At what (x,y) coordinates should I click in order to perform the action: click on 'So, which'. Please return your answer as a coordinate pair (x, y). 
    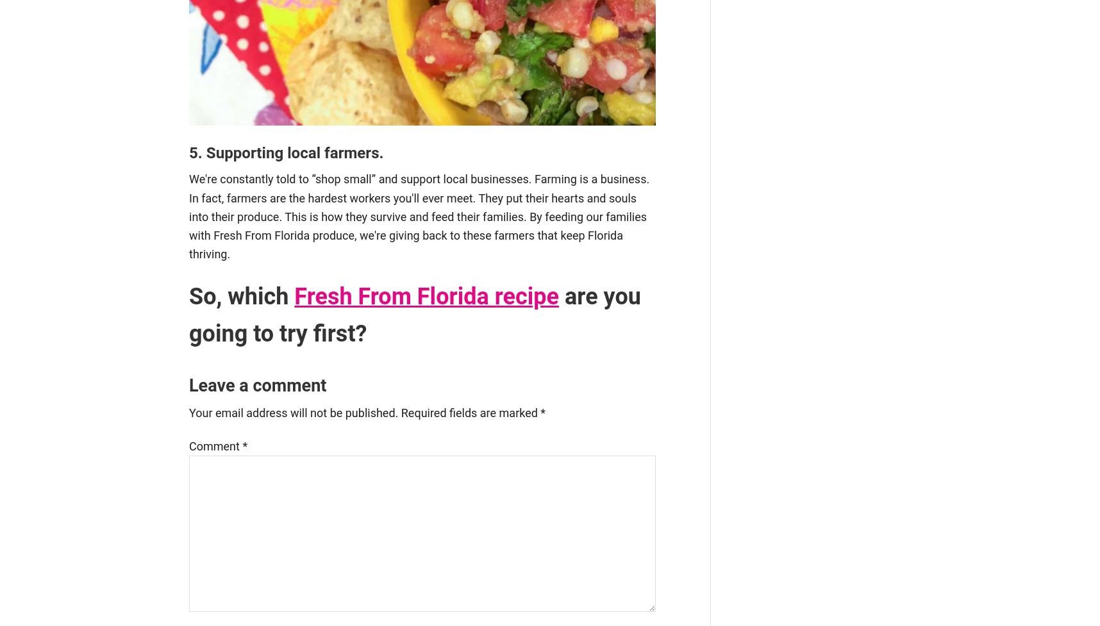
    Looking at the image, I should click on (242, 296).